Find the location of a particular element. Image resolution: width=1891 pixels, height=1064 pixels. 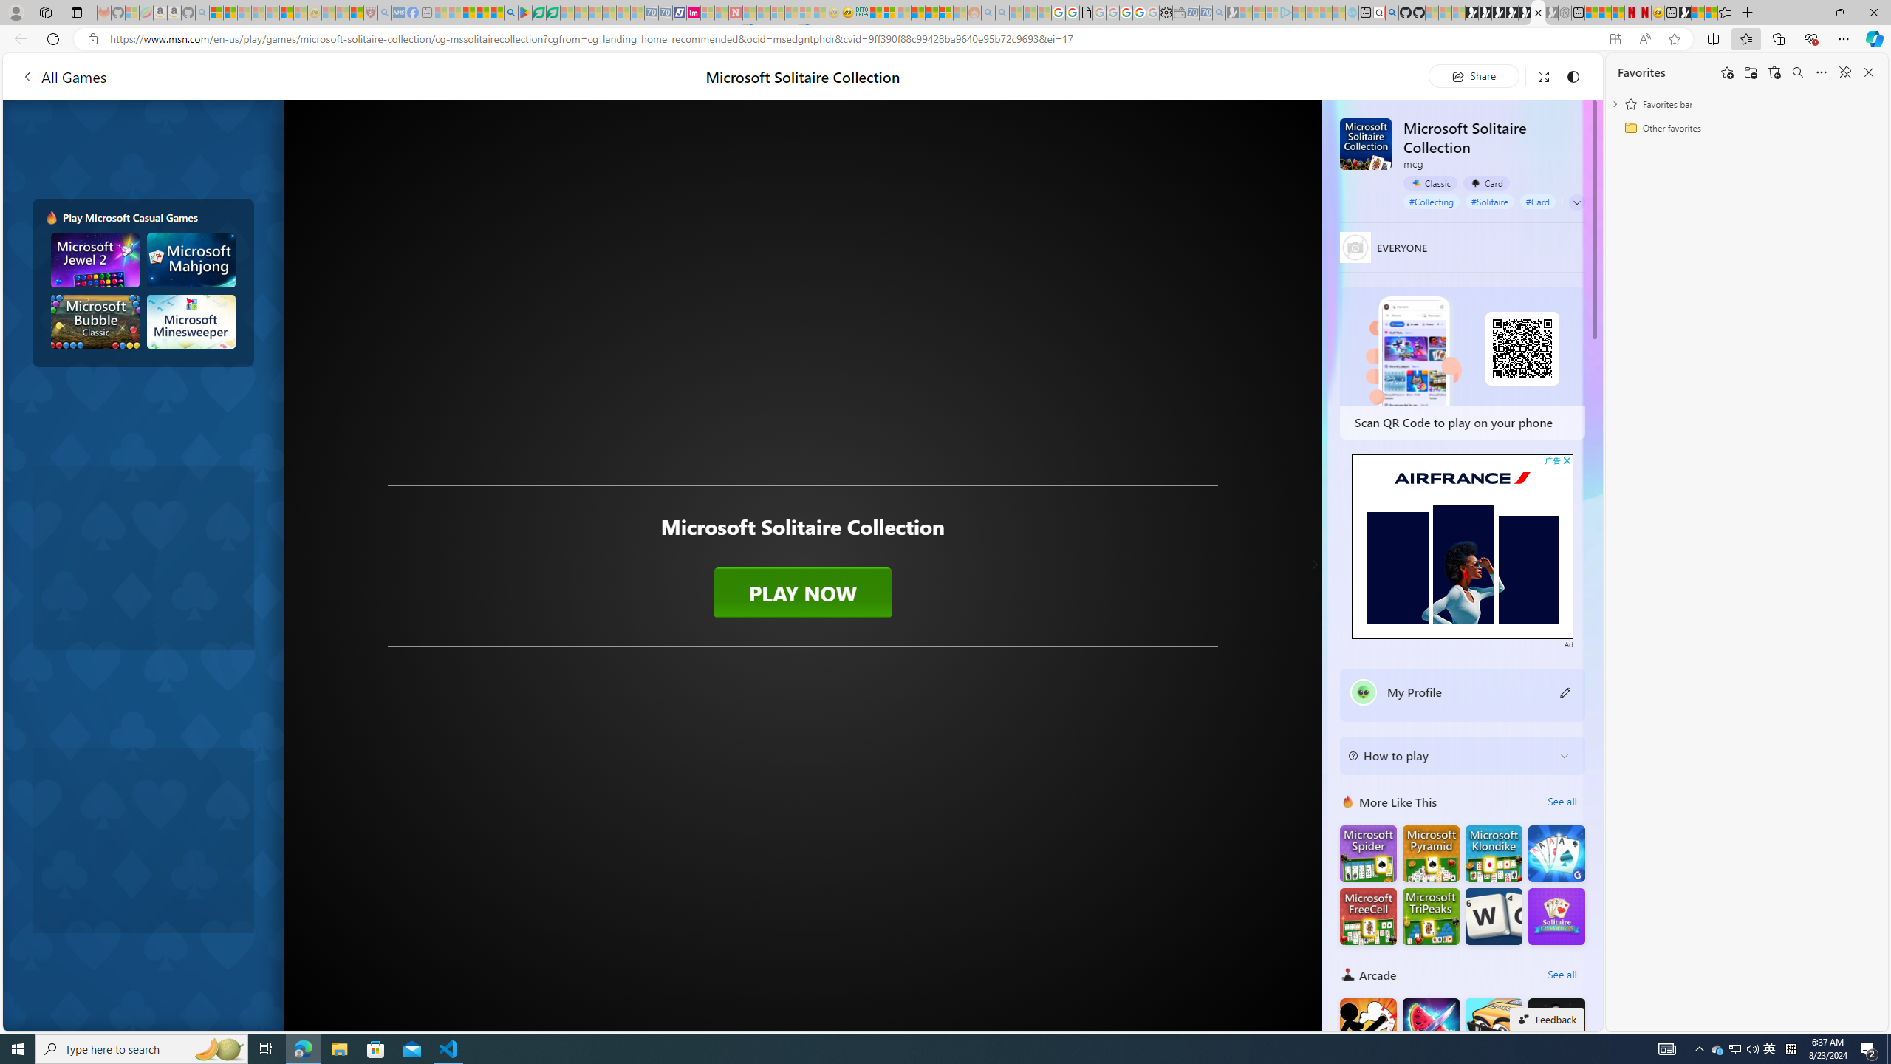

'Class: button edit-icon' is located at coordinates (1565, 691).